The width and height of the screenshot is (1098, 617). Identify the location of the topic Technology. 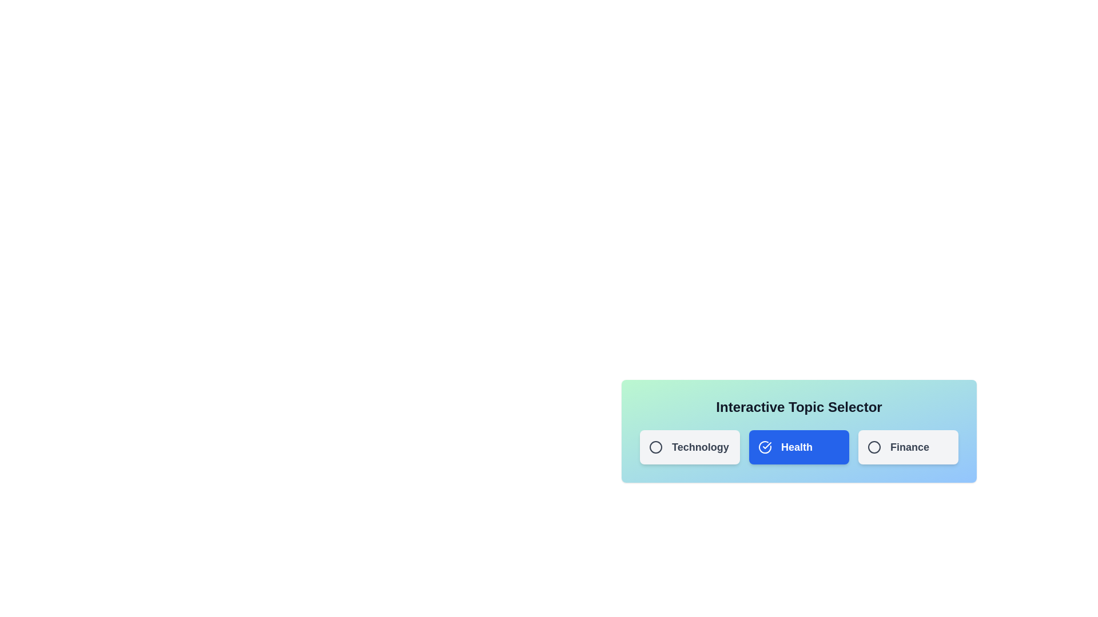
(689, 447).